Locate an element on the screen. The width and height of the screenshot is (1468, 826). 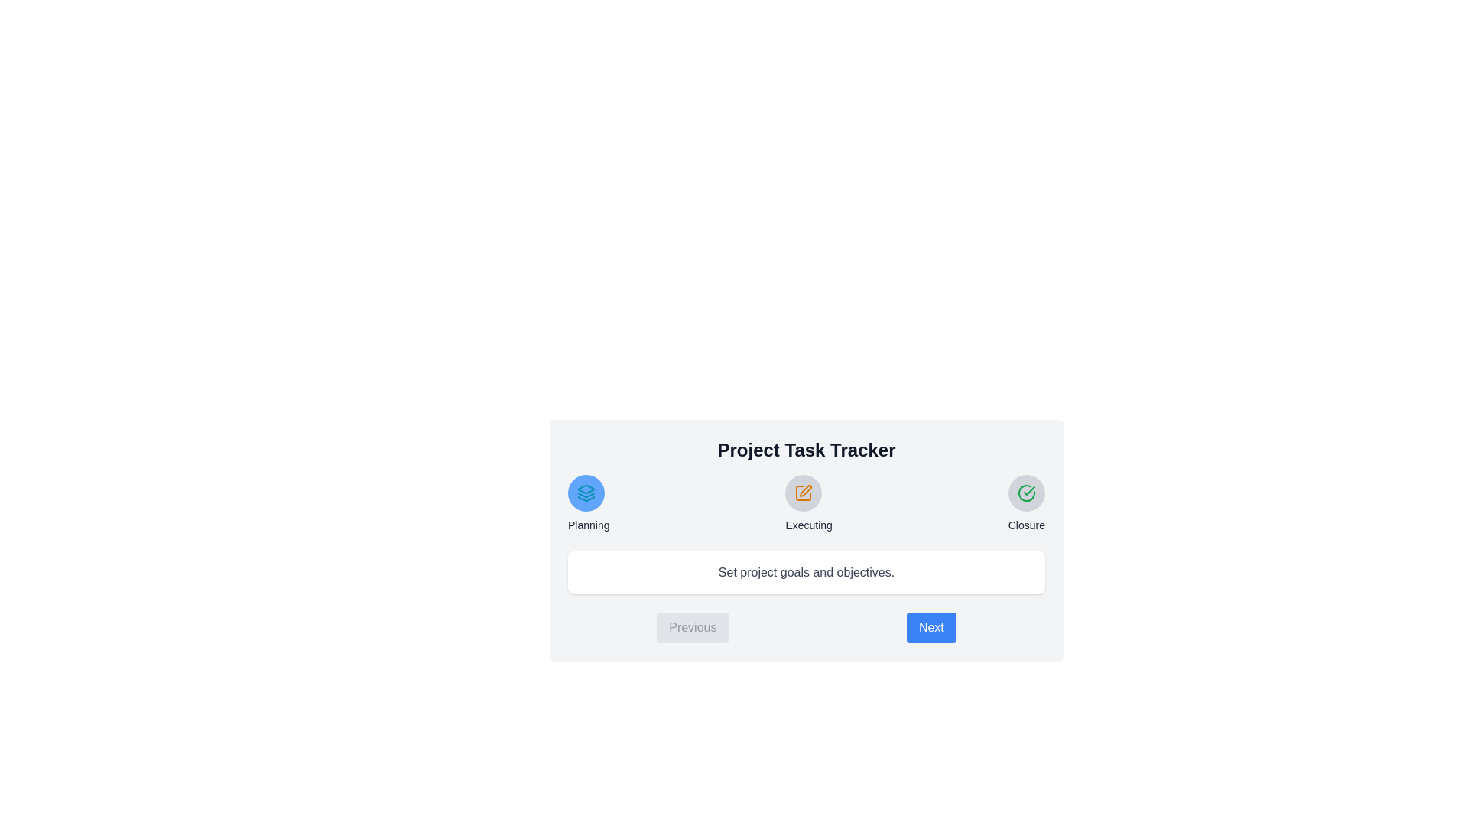
the 'Next' button to navigate to the next step is located at coordinates (930, 628).